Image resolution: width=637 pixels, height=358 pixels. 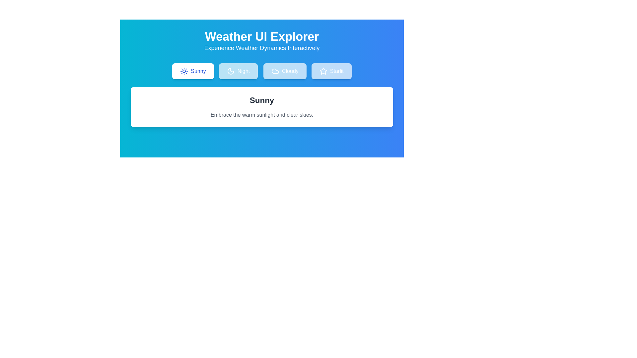 What do you see at coordinates (285, 71) in the screenshot?
I see `the Cloudy weather tab` at bounding box center [285, 71].